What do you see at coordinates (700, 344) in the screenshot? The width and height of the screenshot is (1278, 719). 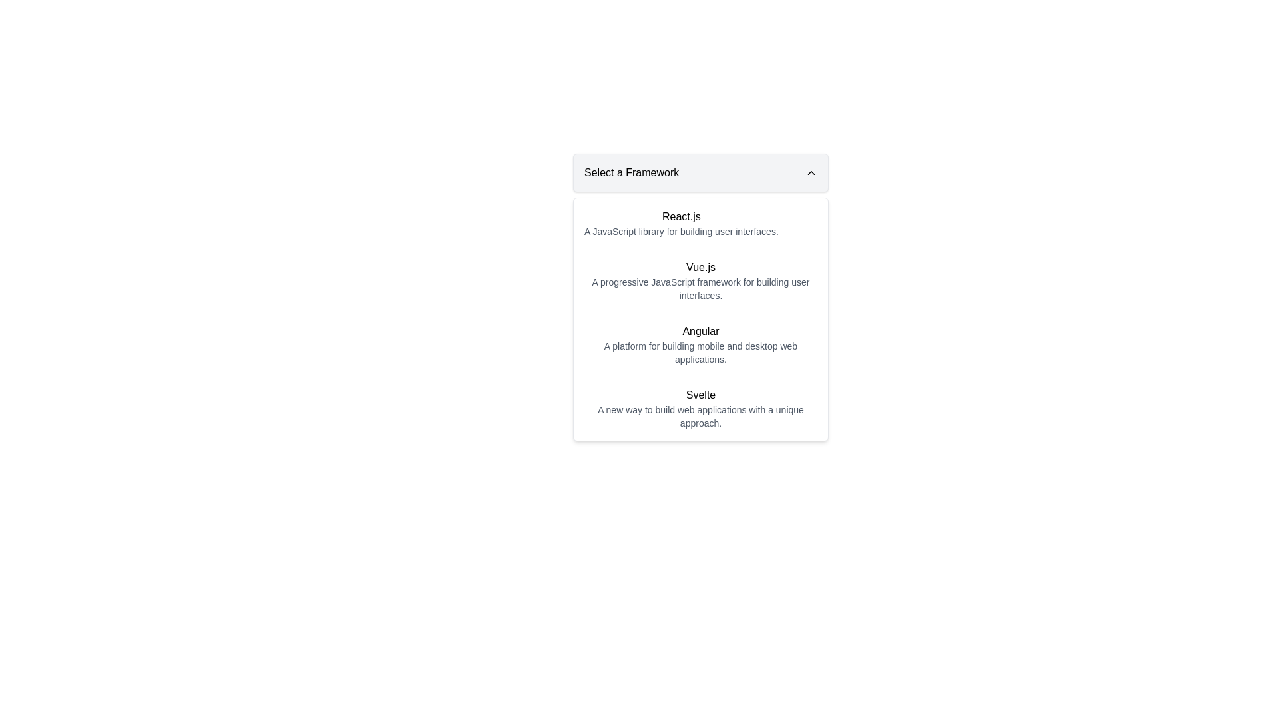 I see `the third list item in the dropdown menu that displays 'Angular' in bold text and describes it as 'A platform for building mobile and desktop web applications.'` at bounding box center [700, 344].